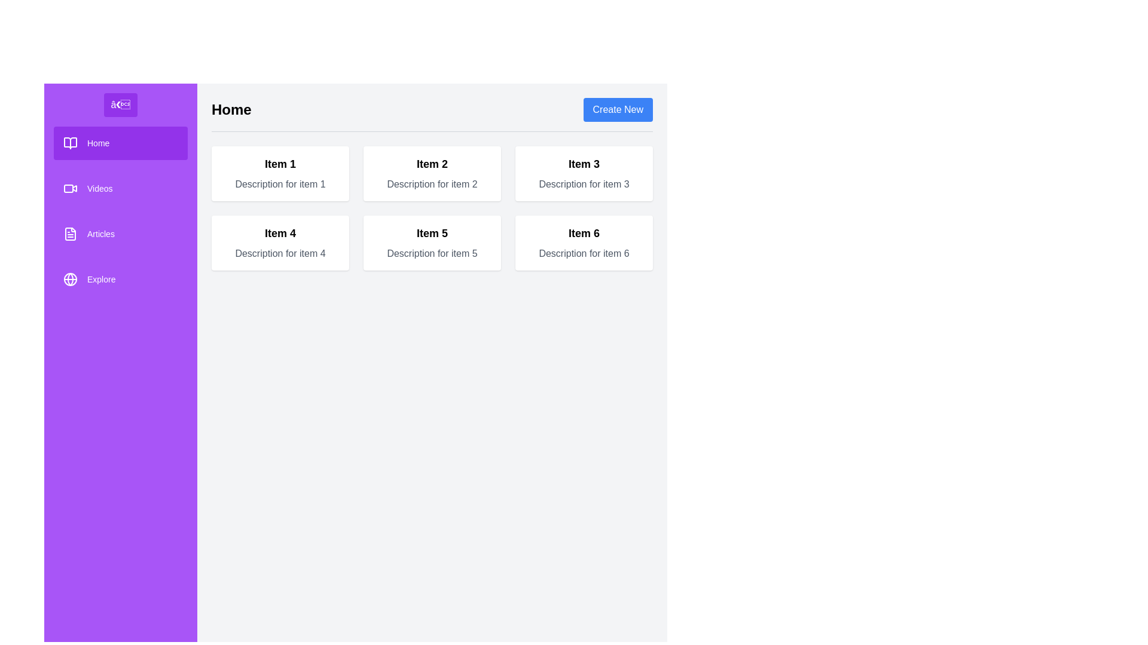 The width and height of the screenshot is (1148, 645). Describe the element at coordinates (70, 142) in the screenshot. I see `the compact, rounded square icon with a purple background and white book graphic located in the sidebar navigation menu, positioned next` at that location.